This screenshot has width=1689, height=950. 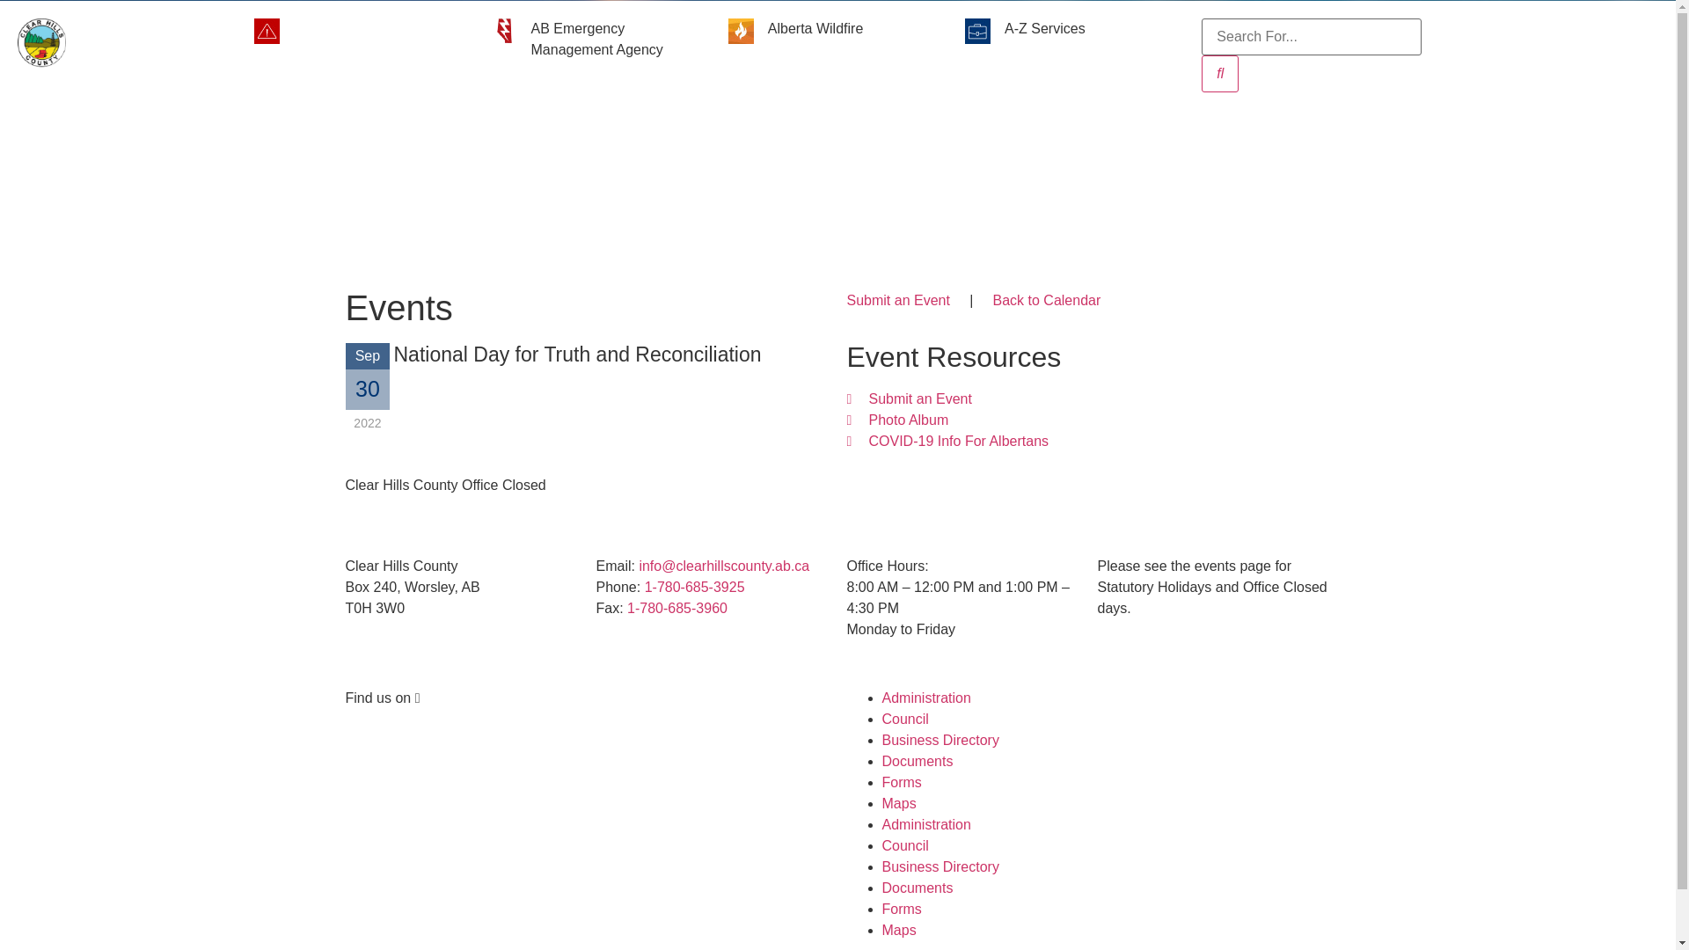 What do you see at coordinates (881, 844) in the screenshot?
I see `'Council'` at bounding box center [881, 844].